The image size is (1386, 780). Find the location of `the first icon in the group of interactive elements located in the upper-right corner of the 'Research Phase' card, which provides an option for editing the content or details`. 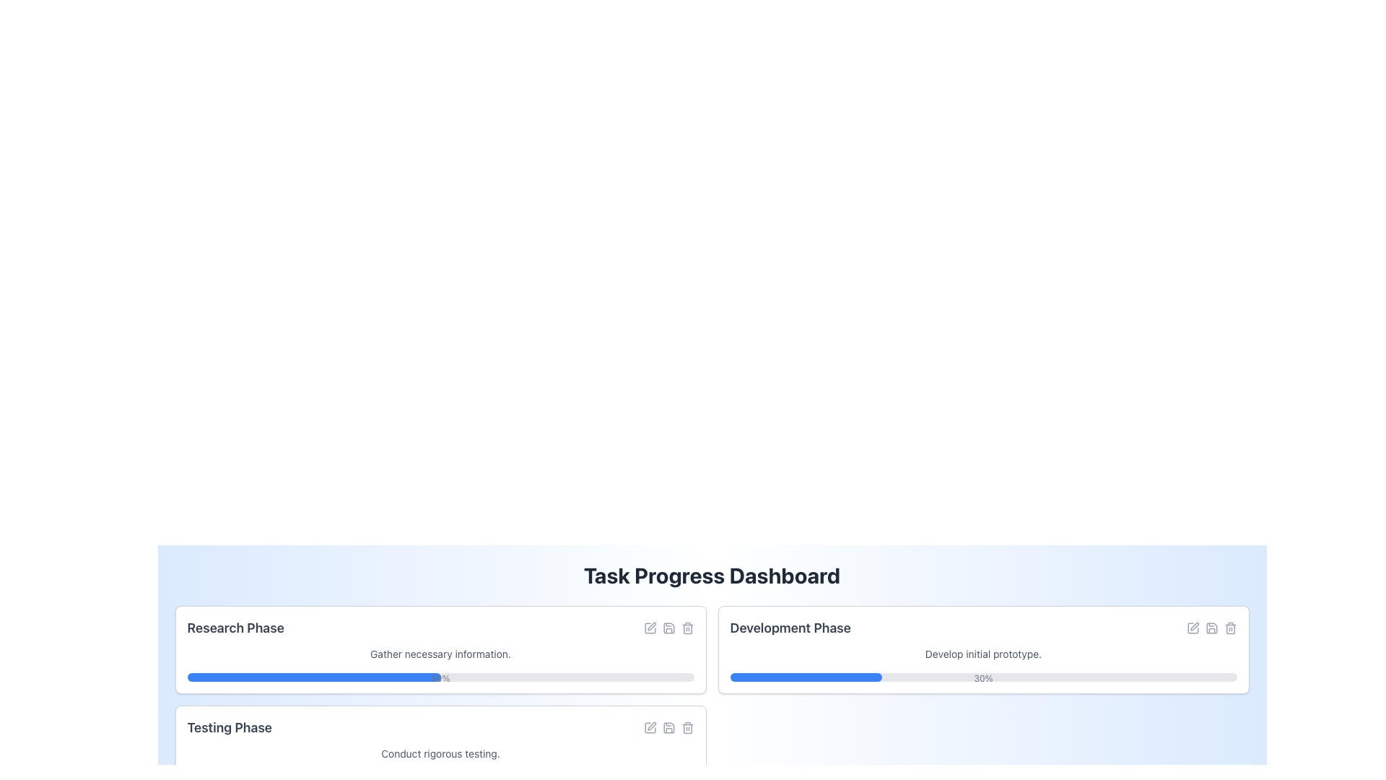

the first icon in the group of interactive elements located in the upper-right corner of the 'Research Phase' card, which provides an option for editing the content or details is located at coordinates (649, 628).